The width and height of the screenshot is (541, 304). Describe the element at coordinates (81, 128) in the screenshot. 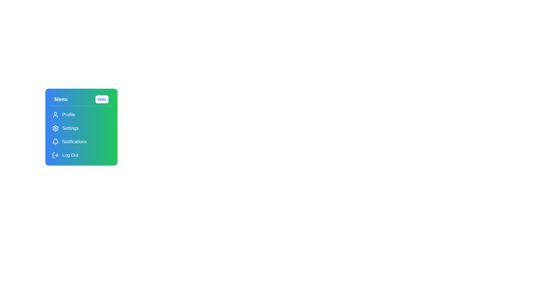

I see `the second menu item labeled 'Settings' in the vertical menu` at that location.